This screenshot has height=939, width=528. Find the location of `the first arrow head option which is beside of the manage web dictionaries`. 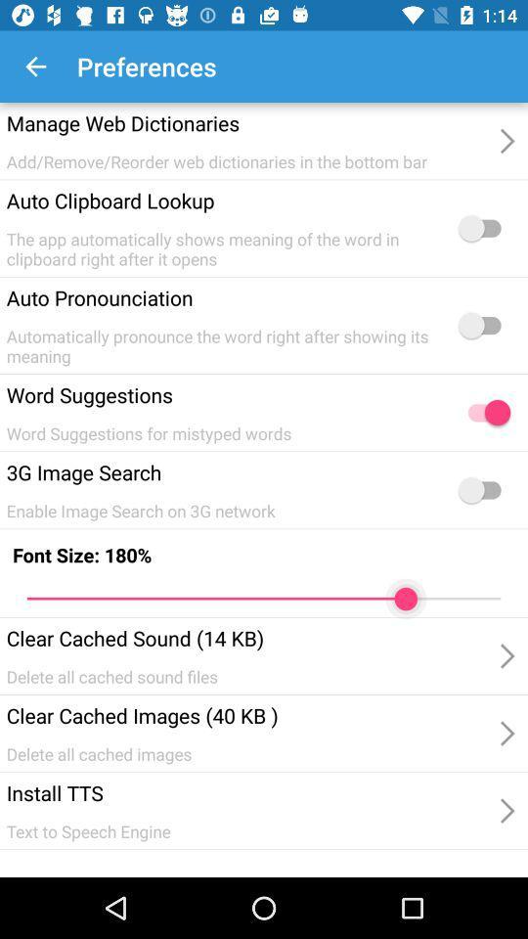

the first arrow head option which is beside of the manage web dictionaries is located at coordinates (506, 140).